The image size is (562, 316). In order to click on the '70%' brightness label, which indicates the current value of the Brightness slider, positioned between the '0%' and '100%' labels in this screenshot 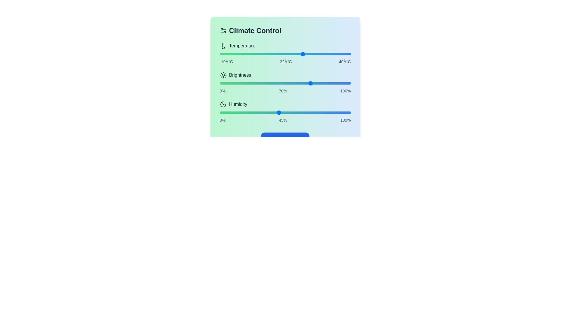, I will do `click(283, 91)`.